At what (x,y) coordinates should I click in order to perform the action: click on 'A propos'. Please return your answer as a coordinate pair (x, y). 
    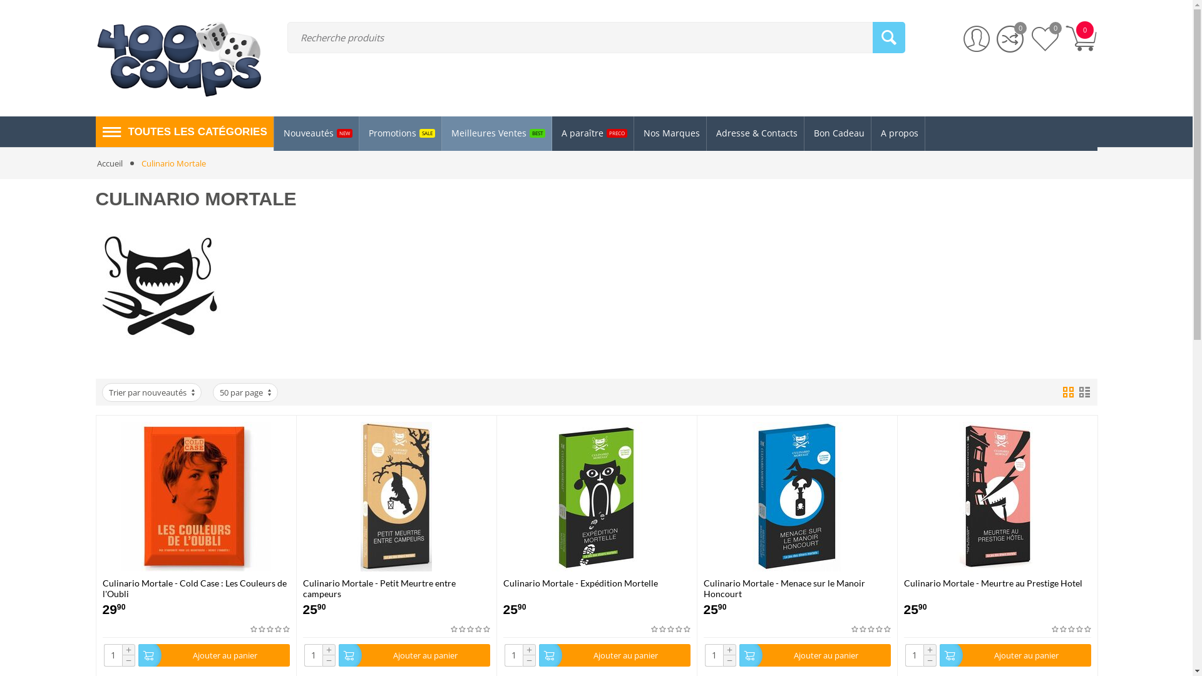
    Looking at the image, I should click on (898, 133).